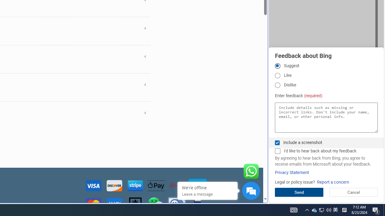 The image size is (385, 216). Describe the element at coordinates (299, 192) in the screenshot. I see `'Send'` at that location.